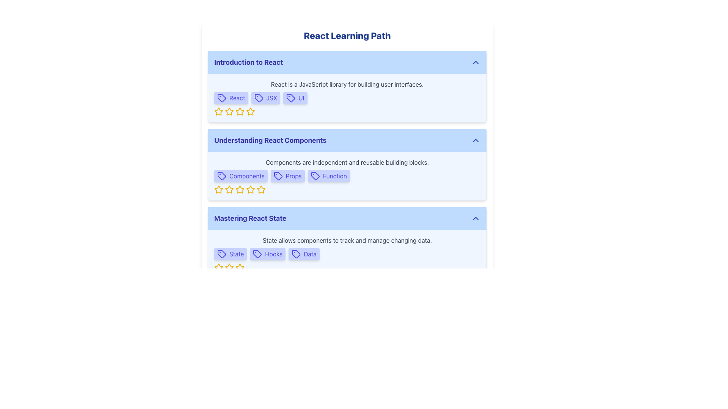 The height and width of the screenshot is (409, 728). What do you see at coordinates (240, 176) in the screenshot?
I see `the icon of the Tag with icon and text located in the section titled 'Understanding React Components', which is the first element in a row with 'Props' and 'Function'` at bounding box center [240, 176].